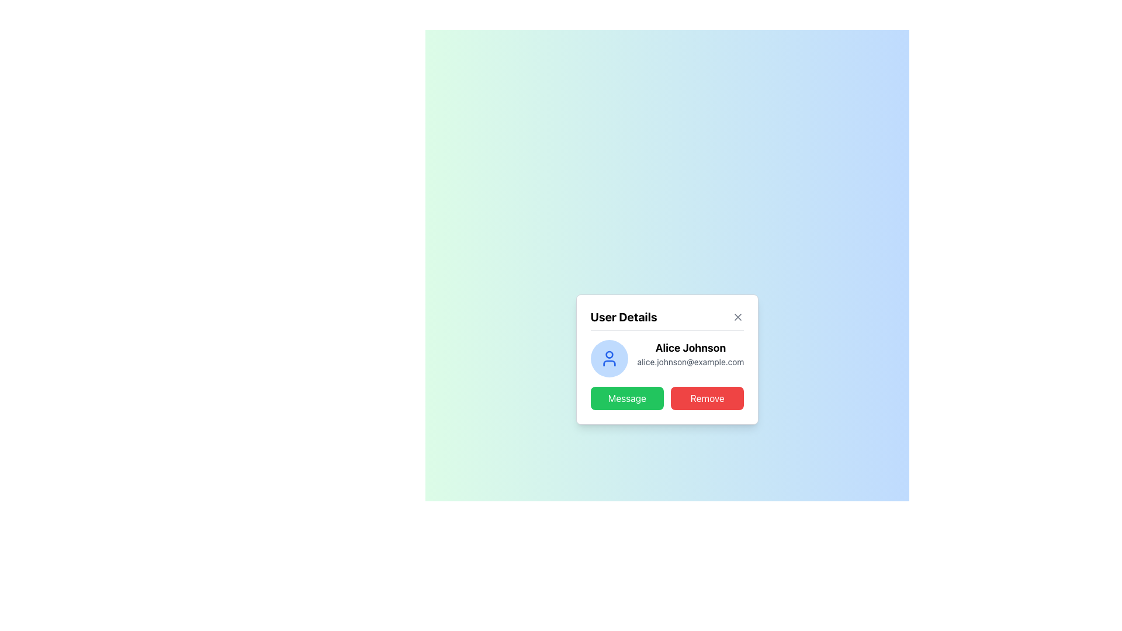 The height and width of the screenshot is (631, 1122). What do you see at coordinates (608, 358) in the screenshot?
I see `the user icon representing Alice Johnson, which is located in the user details interface above her name and email address` at bounding box center [608, 358].